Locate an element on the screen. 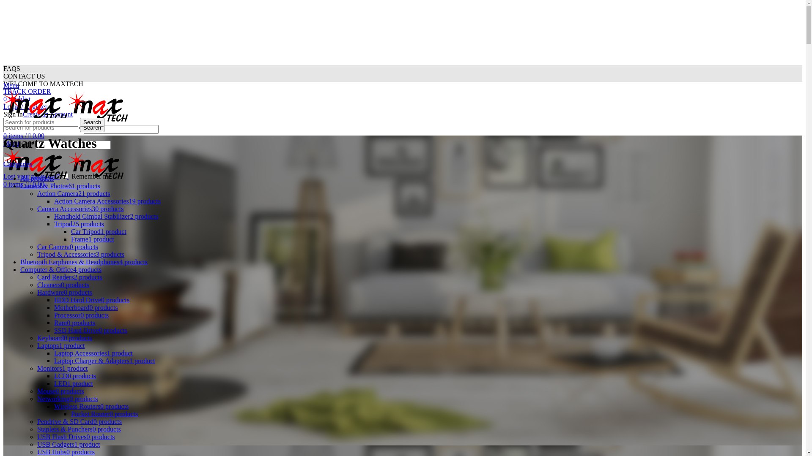 The height and width of the screenshot is (456, 812). 'Login / Register' is located at coordinates (25, 106).